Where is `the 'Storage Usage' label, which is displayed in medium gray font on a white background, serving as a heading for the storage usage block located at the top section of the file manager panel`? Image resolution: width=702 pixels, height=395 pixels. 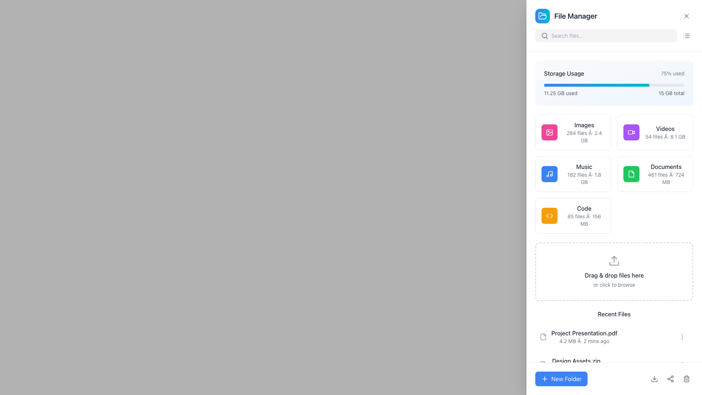
the 'Storage Usage' label, which is displayed in medium gray font on a white background, serving as a heading for the storage usage block located at the top section of the file manager panel is located at coordinates (563, 73).